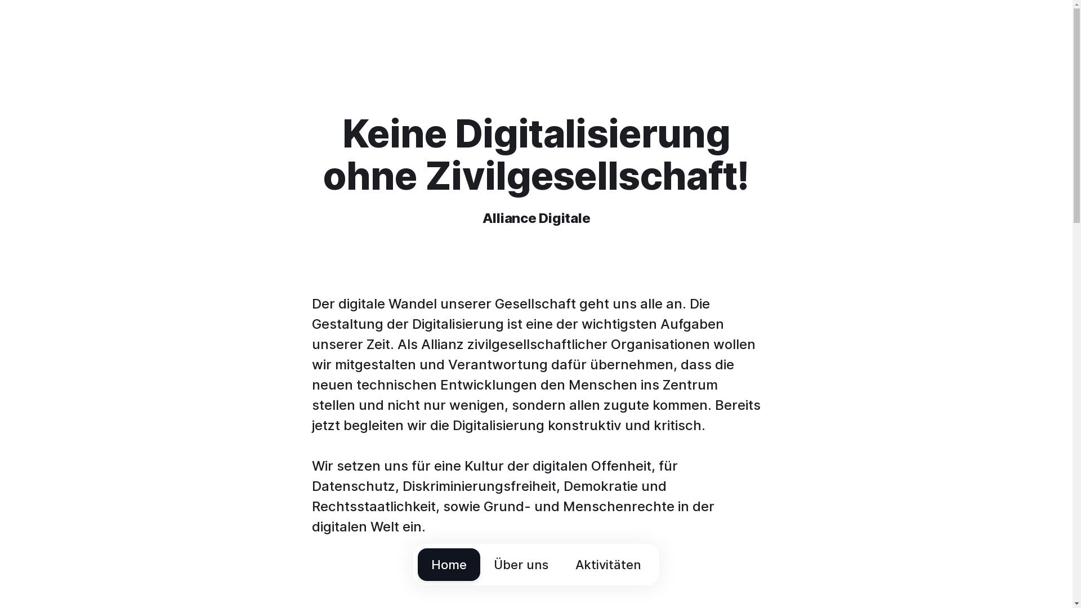 This screenshot has width=1081, height=608. Describe the element at coordinates (448, 564) in the screenshot. I see `'Home'` at that location.